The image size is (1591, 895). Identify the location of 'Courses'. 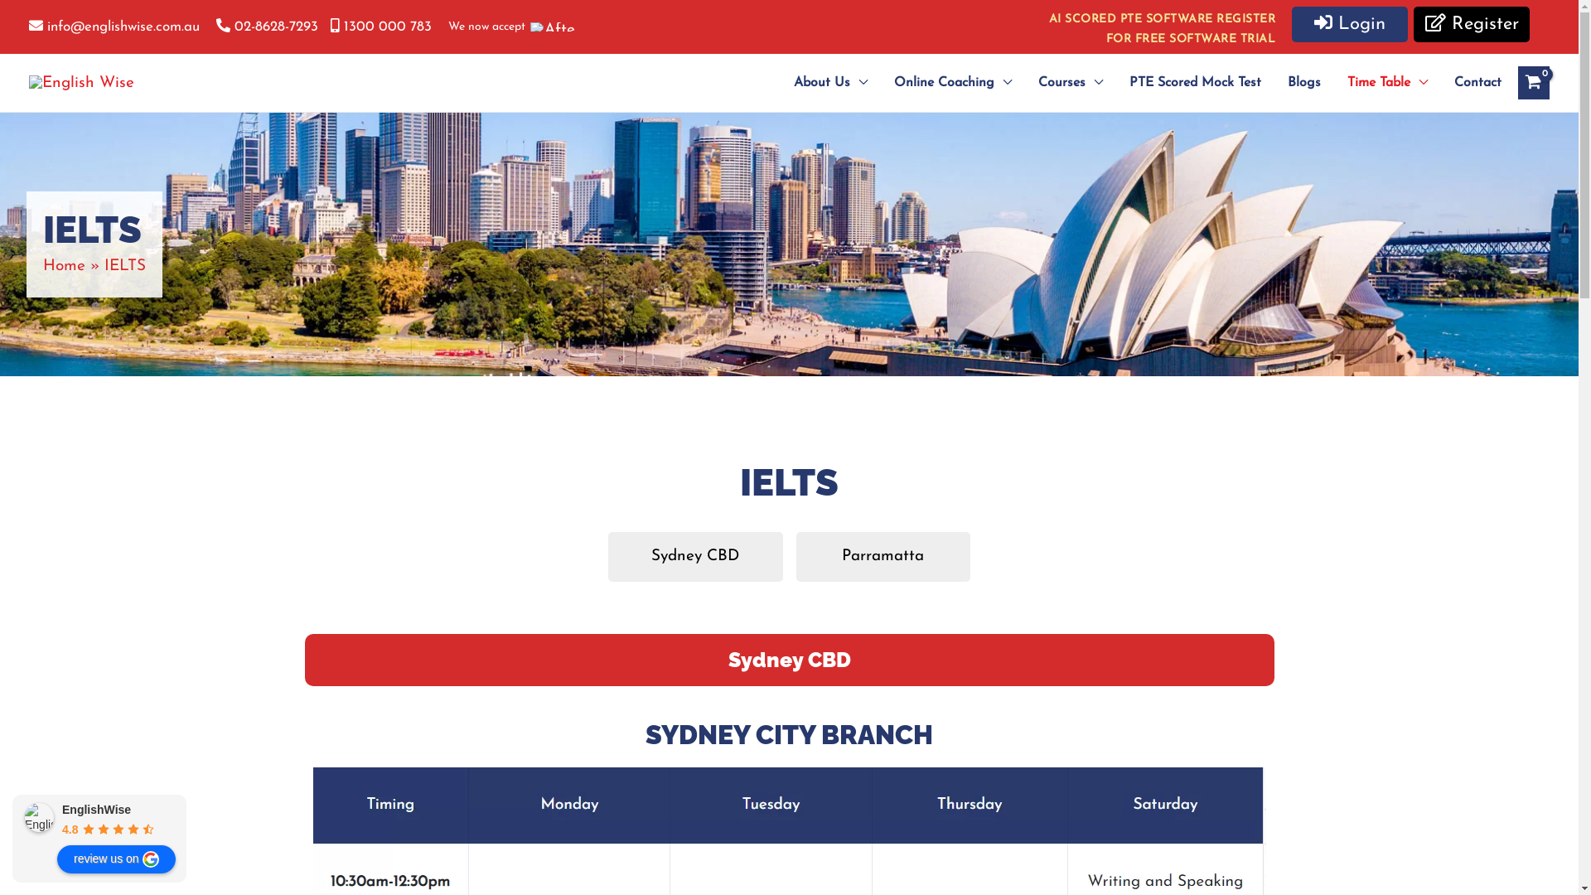
(1024, 83).